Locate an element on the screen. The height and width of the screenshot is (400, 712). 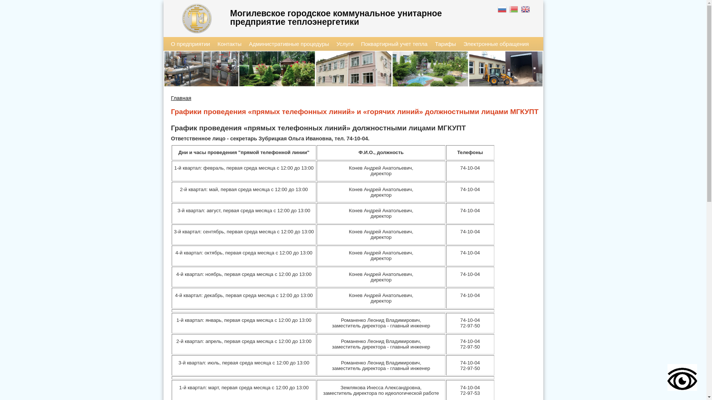
'Russian' is located at coordinates (502, 10).